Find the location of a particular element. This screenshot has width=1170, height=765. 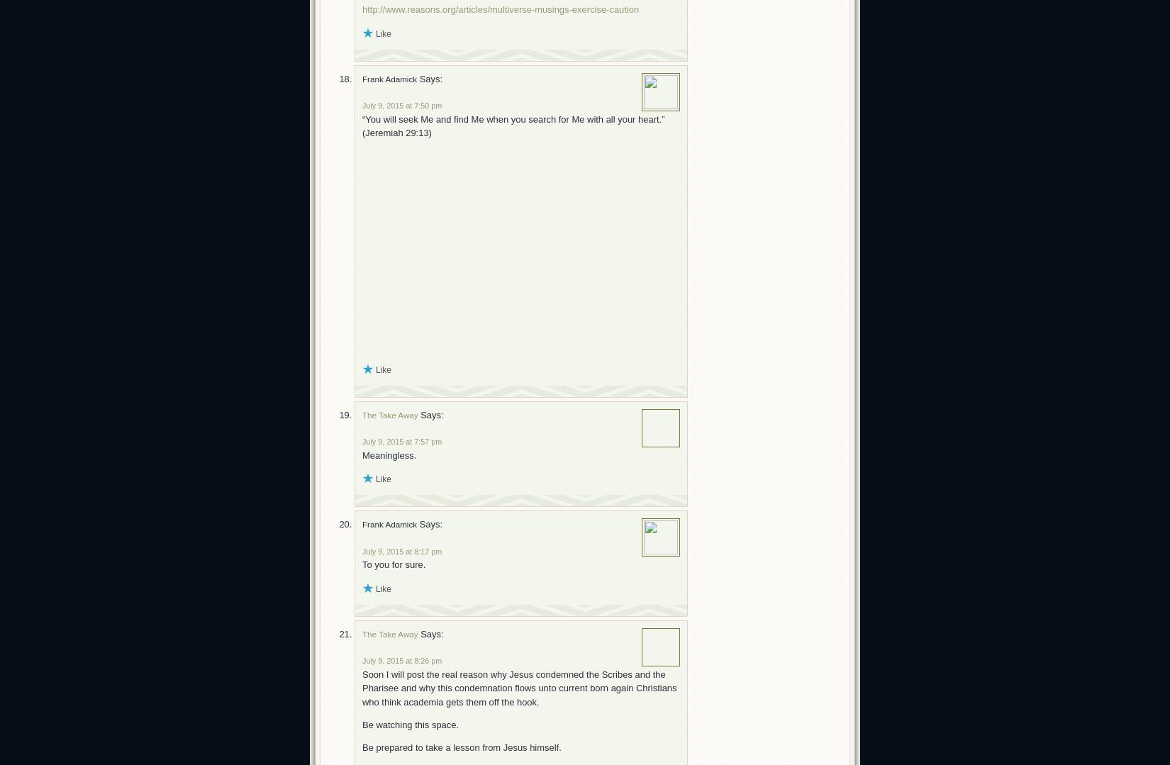

'Be watching this space.' is located at coordinates (409, 725).